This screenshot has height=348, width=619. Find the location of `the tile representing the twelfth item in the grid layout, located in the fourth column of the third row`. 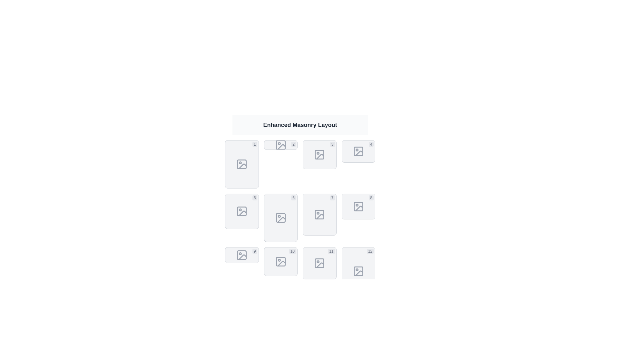

the tile representing the twelfth item in the grid layout, located in the fourth column of the third row is located at coordinates (358, 271).